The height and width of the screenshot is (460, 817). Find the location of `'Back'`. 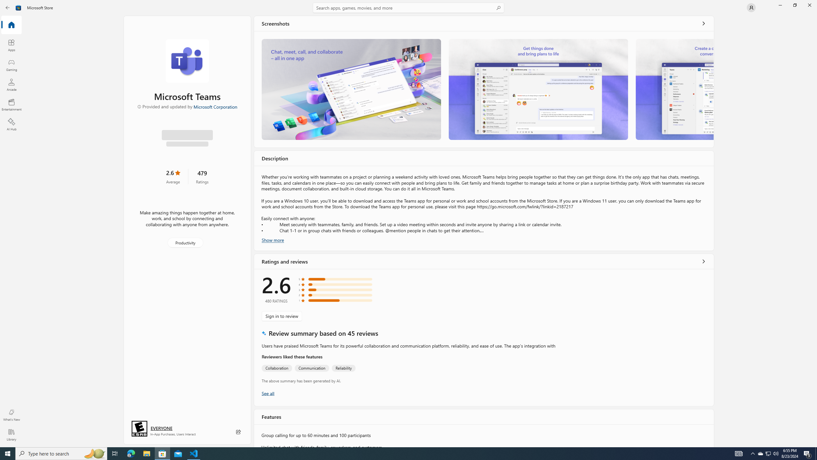

'Back' is located at coordinates (8, 7).